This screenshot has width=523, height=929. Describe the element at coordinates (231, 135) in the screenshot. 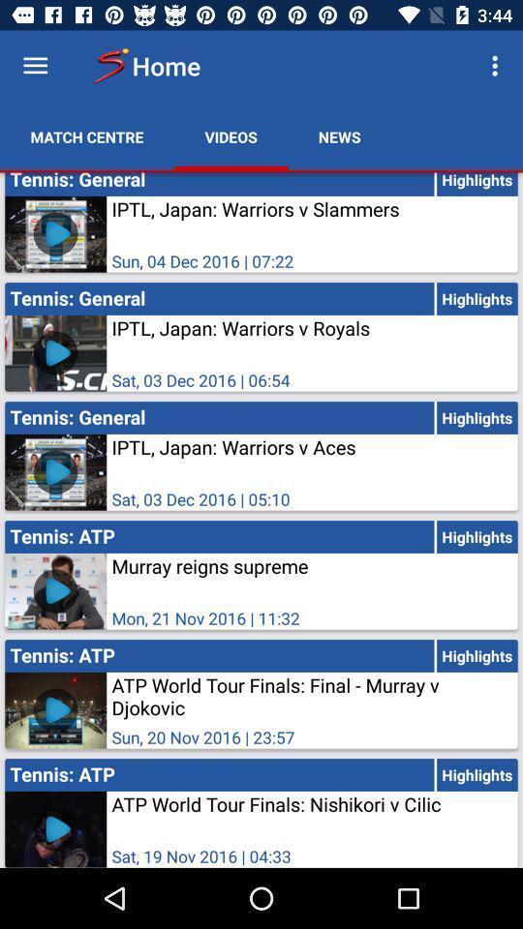

I see `the icon next to match centre item` at that location.